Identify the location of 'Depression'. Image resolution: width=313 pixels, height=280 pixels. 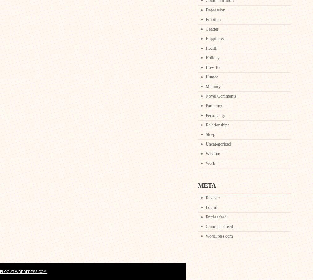
(215, 10).